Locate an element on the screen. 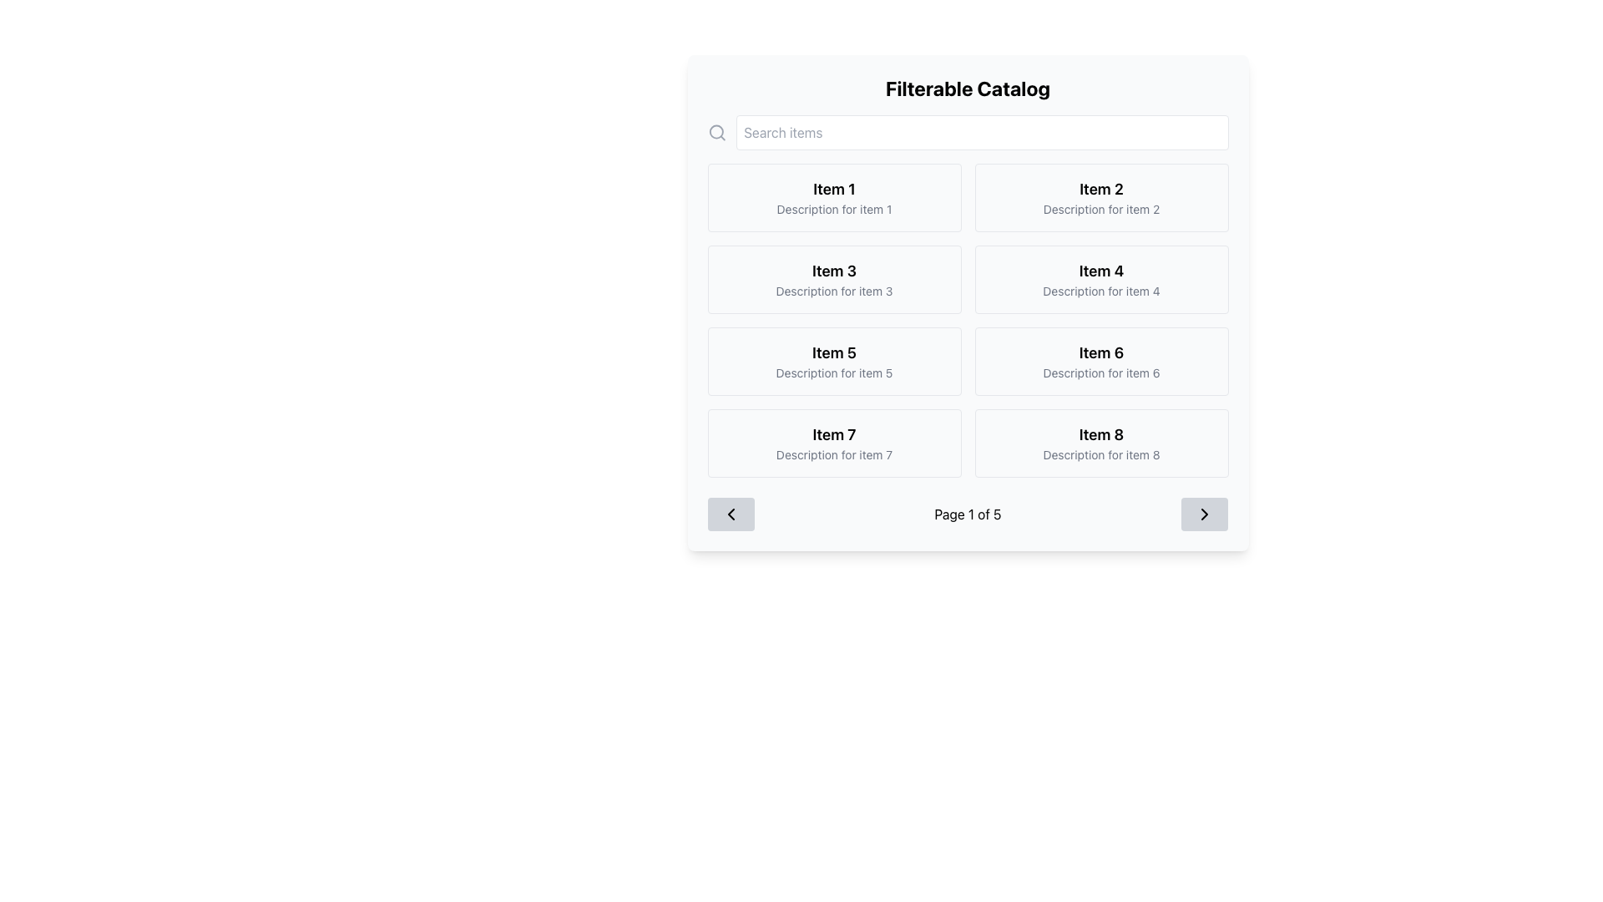 The height and width of the screenshot is (902, 1603). the navigation button with a light gray background and a black right arrow icon located at the far-right of the pagination controls is located at coordinates (1205, 514).